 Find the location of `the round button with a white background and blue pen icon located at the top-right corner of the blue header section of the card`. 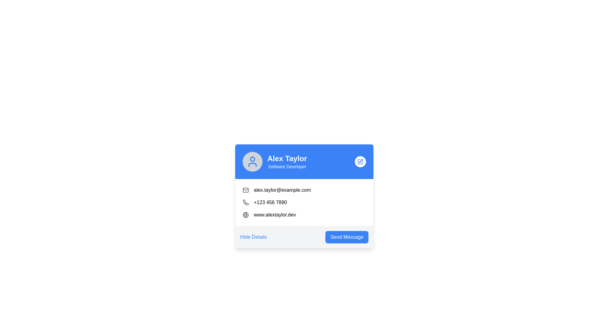

the round button with a white background and blue pen icon located at the top-right corner of the blue header section of the card is located at coordinates (360, 161).